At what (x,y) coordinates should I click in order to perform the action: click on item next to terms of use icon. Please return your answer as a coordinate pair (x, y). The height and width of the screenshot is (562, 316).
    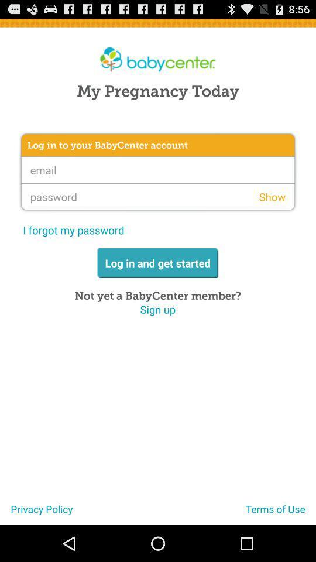
    Looking at the image, I should click on (36, 513).